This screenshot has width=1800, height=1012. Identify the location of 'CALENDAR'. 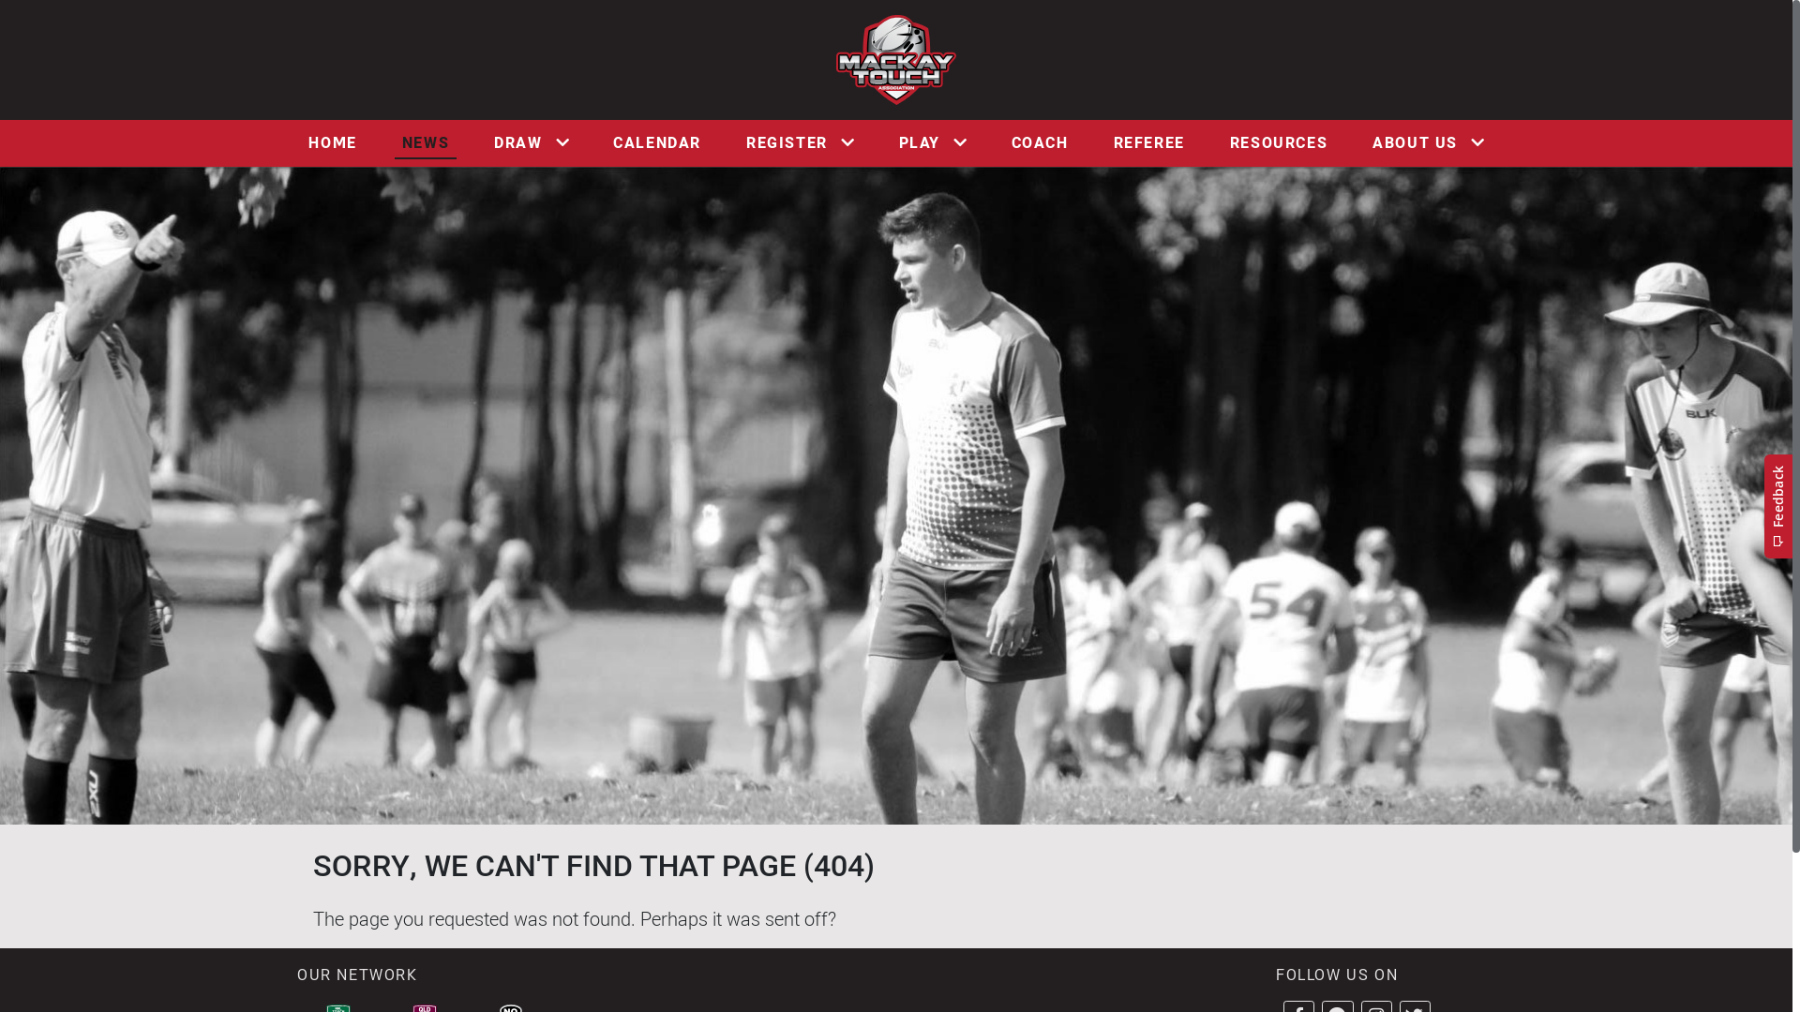
(656, 142).